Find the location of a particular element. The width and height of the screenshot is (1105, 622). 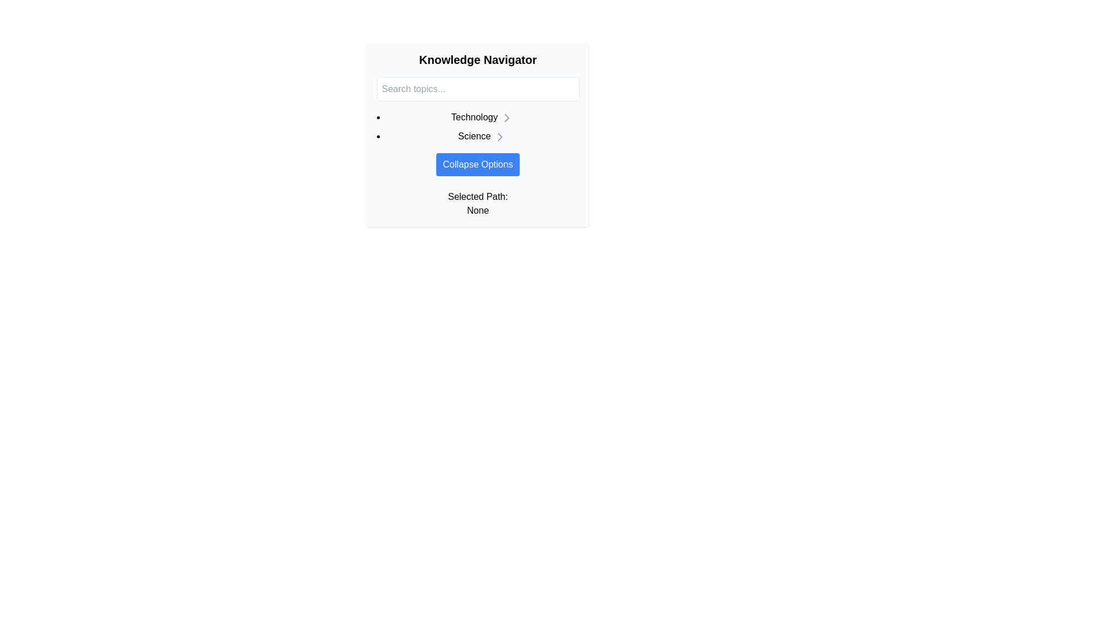

the small gray arrow icon pointing to the right, which is positioned inline immediately after the text 'Science' in the sidebar menu is located at coordinates (500, 136).